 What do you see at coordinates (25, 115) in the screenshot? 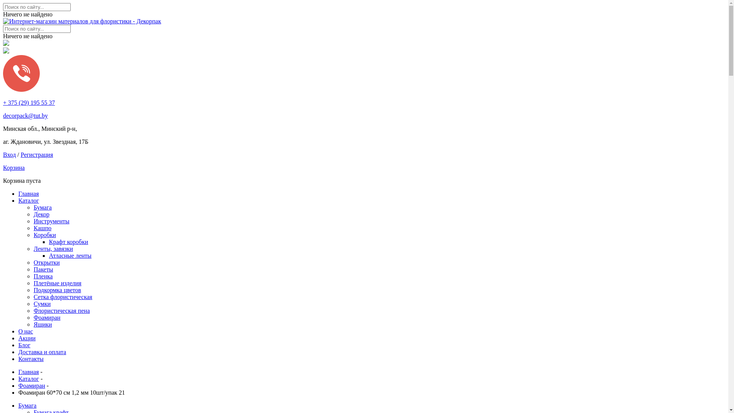
I see `'decorpack@tut.by'` at bounding box center [25, 115].